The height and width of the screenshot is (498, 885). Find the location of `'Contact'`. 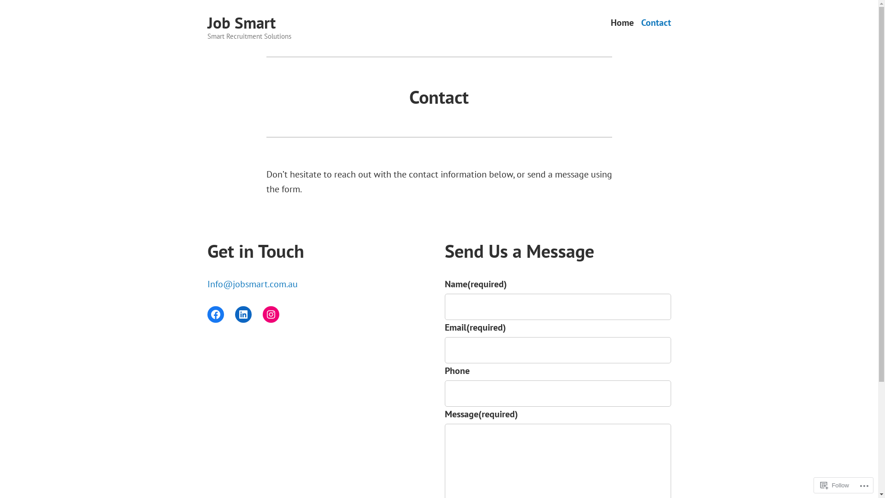

'Contact' is located at coordinates (655, 22).